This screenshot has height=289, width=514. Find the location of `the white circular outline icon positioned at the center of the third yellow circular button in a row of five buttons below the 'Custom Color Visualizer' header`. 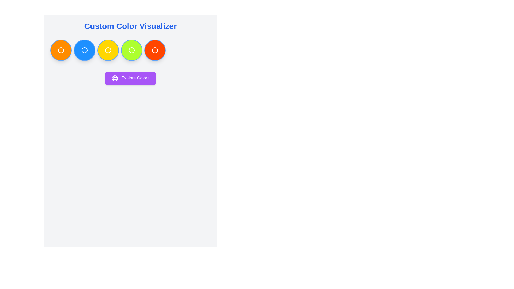

the white circular outline icon positioned at the center of the third yellow circular button in a row of five buttons below the 'Custom Color Visualizer' header is located at coordinates (108, 50).